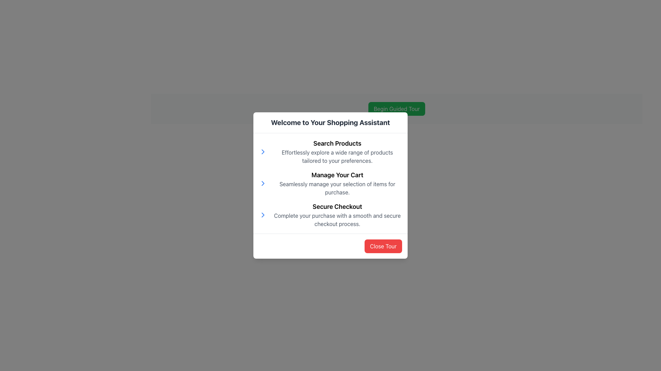 The width and height of the screenshot is (661, 371). What do you see at coordinates (337, 188) in the screenshot?
I see `static text displaying 'Seamlessly manage your selection of items for purchase.' located below the header 'Manage Your Cart' in the tutorial card` at bounding box center [337, 188].